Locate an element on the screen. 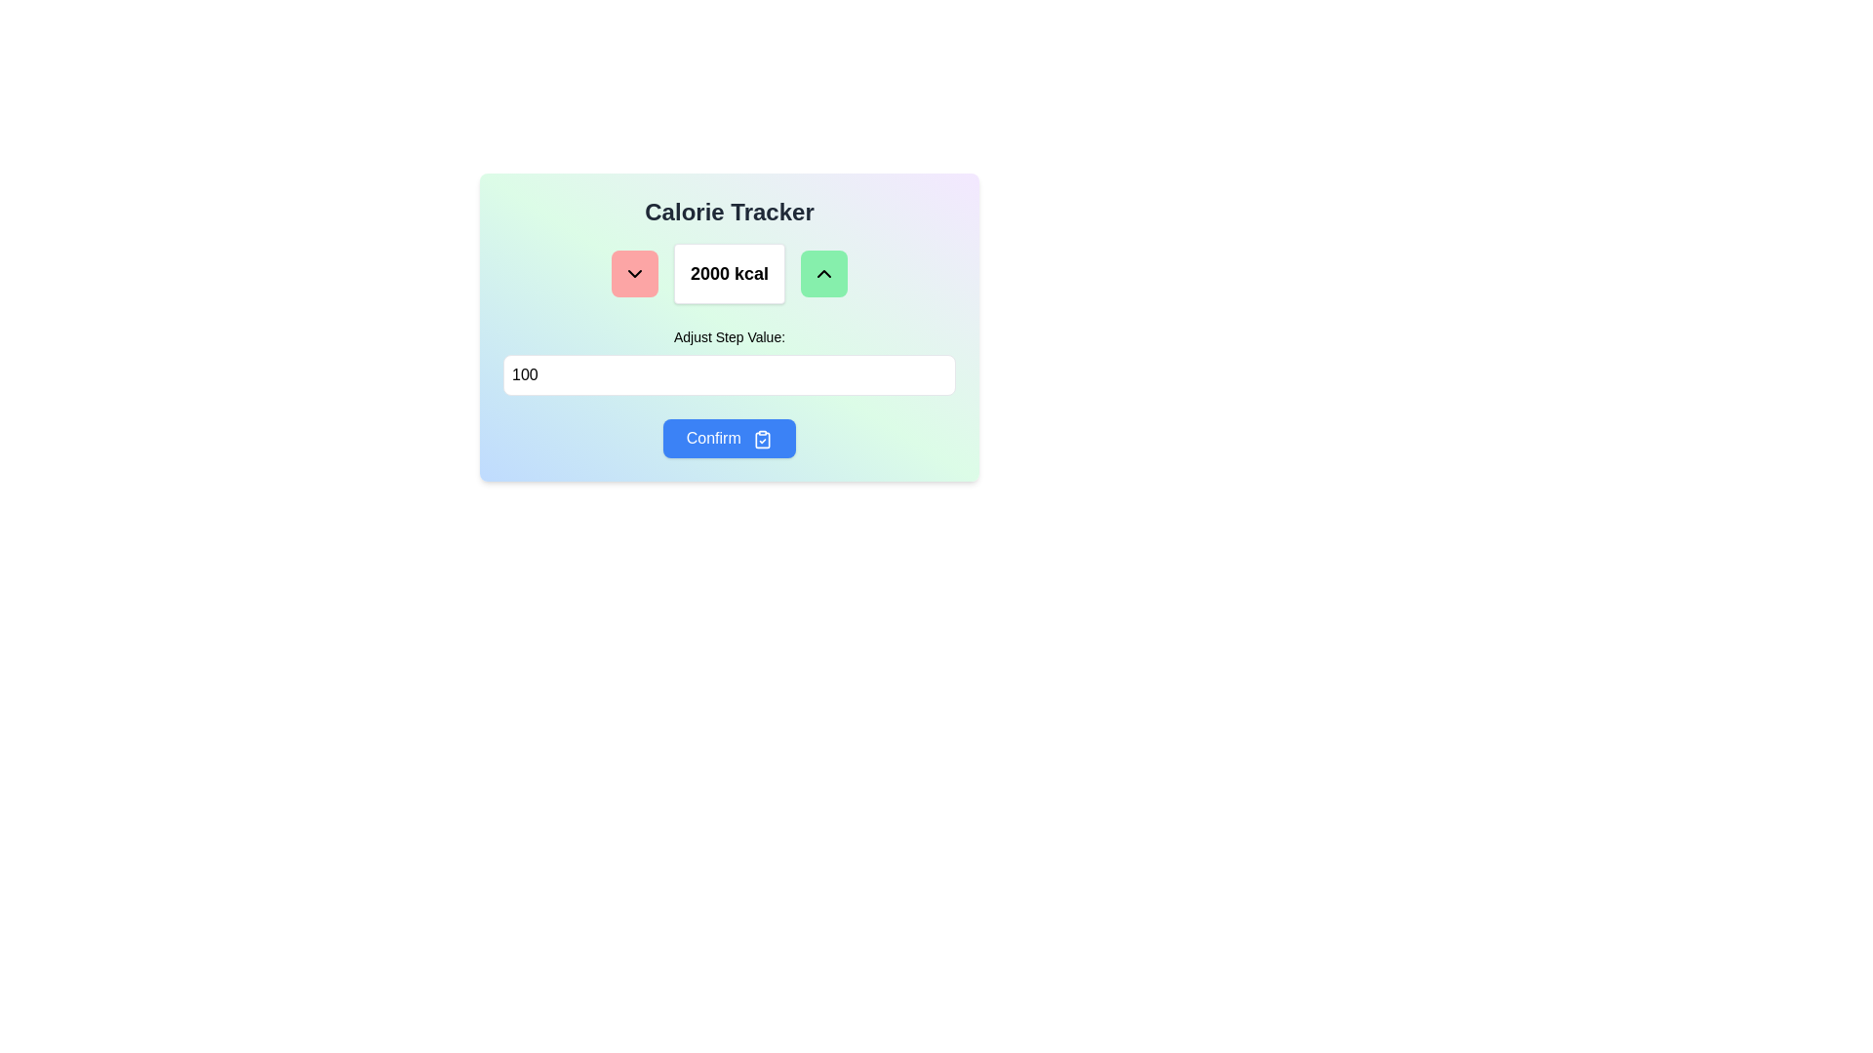  the blue clipboard-shaped icon with a checkmark inside it, located to the right of the 'Confirm' button is located at coordinates (762, 439).